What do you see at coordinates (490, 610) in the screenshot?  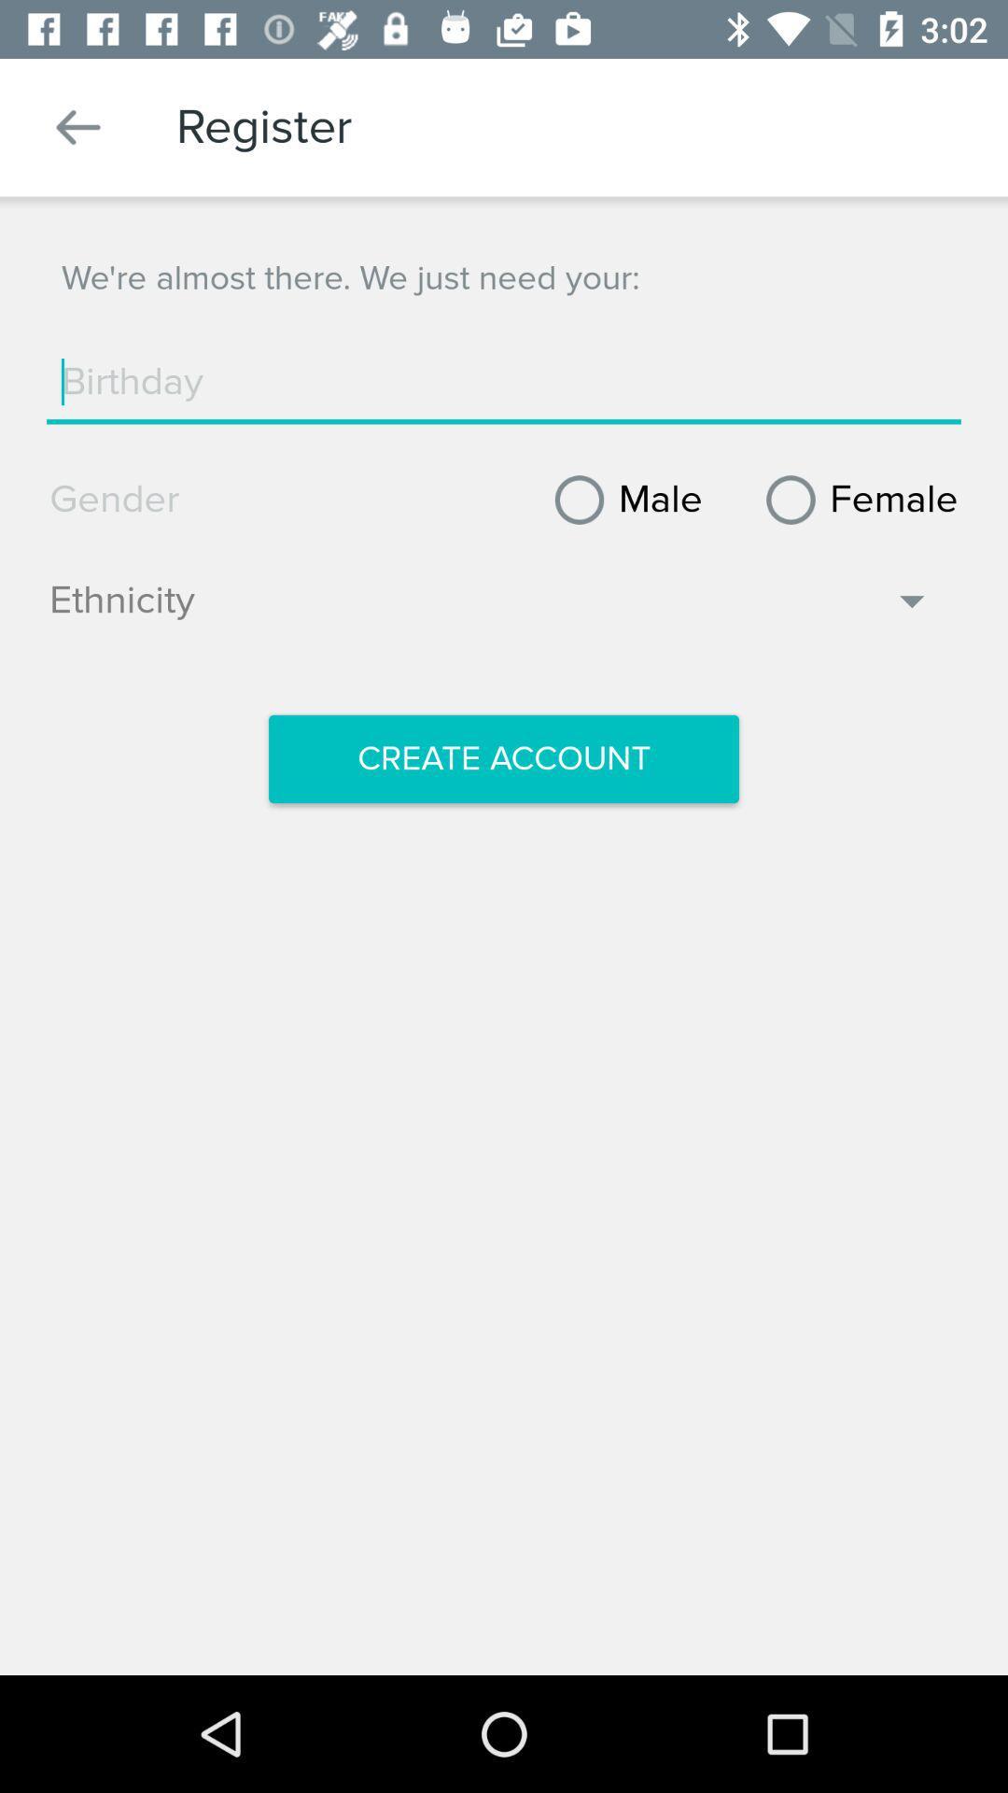 I see `your ethnicity` at bounding box center [490, 610].